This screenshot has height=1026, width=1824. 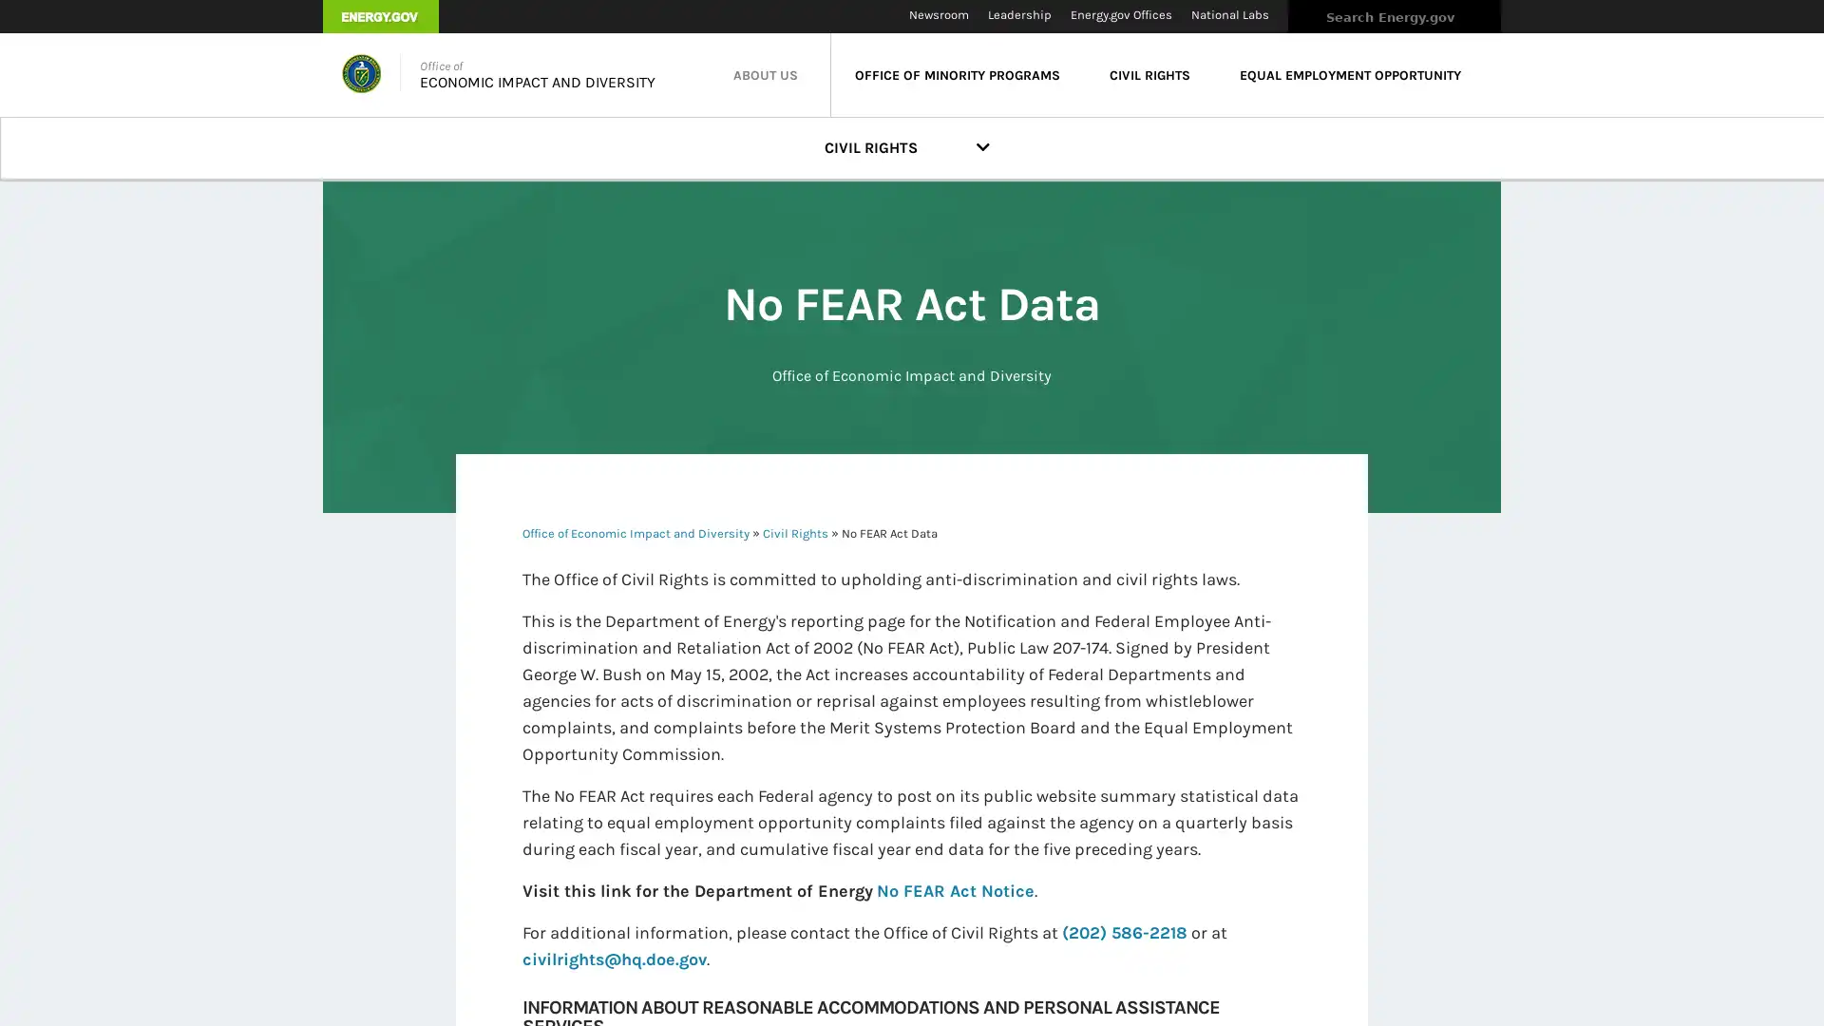 I want to click on SEARCH, so click(x=1521, y=22).